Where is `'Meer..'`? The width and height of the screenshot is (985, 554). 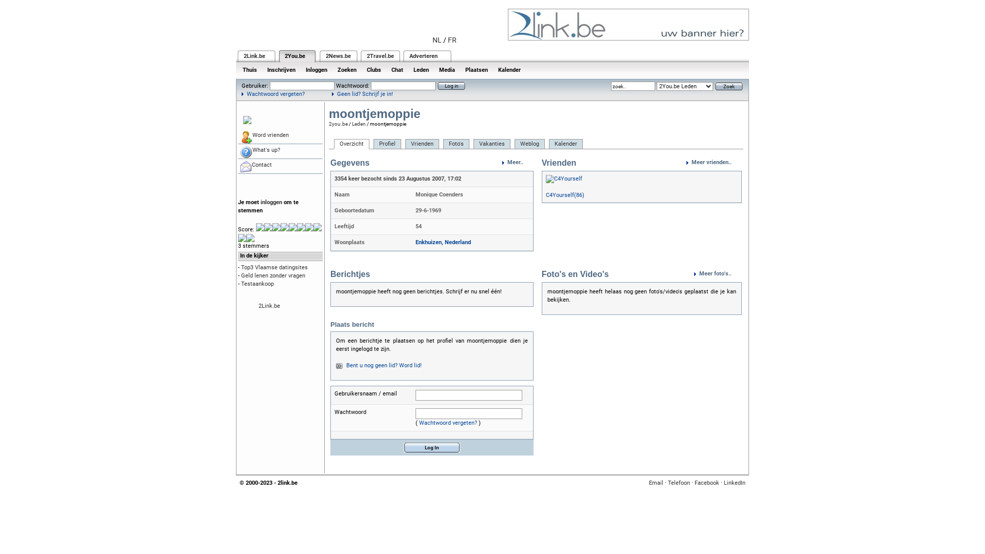 'Meer..' is located at coordinates (518, 162).